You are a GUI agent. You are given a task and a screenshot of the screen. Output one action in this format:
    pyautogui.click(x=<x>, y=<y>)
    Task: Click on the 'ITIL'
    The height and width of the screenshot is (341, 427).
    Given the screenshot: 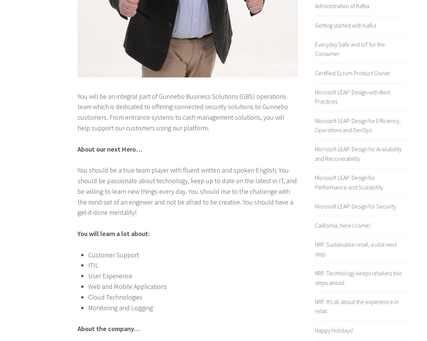 What is the action you would take?
    pyautogui.click(x=93, y=265)
    